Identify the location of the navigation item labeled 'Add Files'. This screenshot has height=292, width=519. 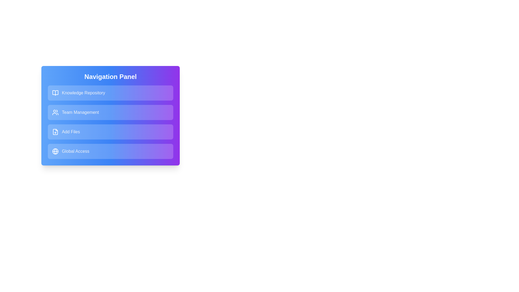
(110, 132).